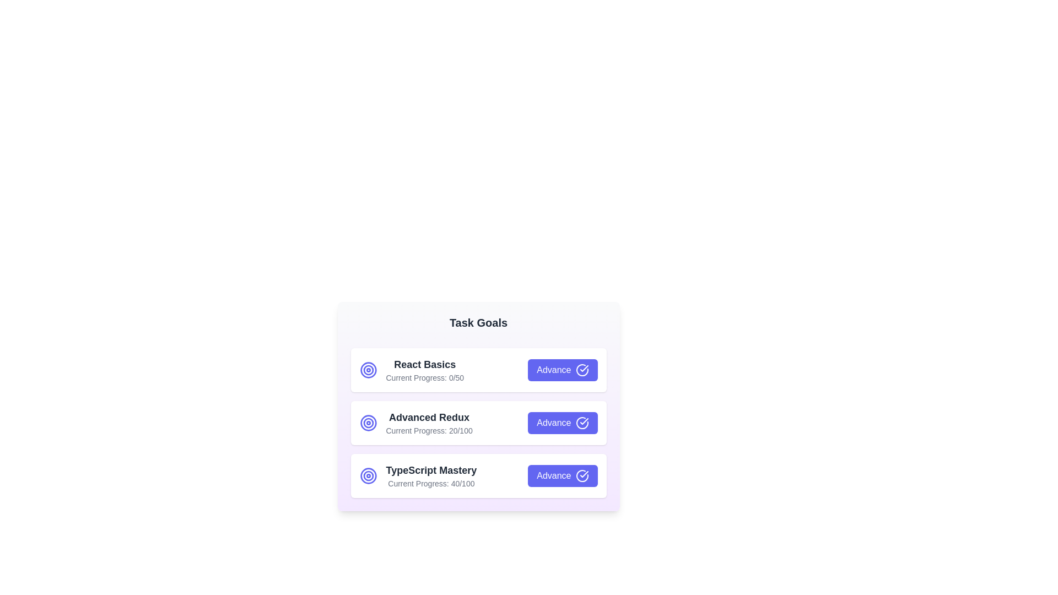 The image size is (1058, 595). I want to click on progress information displayed in the Text Label located below the 'Advanced Redux' title in the vertical list of goals, so click(429, 430).